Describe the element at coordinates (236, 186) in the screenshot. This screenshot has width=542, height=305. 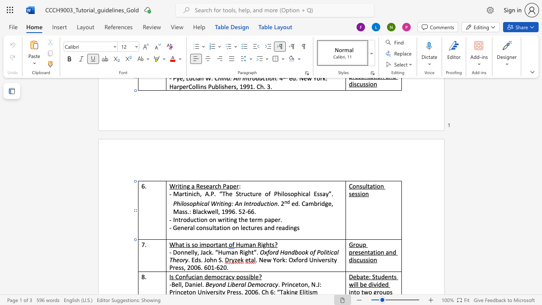
I see `the space between the continuous character "e" and "r" in the text` at that location.